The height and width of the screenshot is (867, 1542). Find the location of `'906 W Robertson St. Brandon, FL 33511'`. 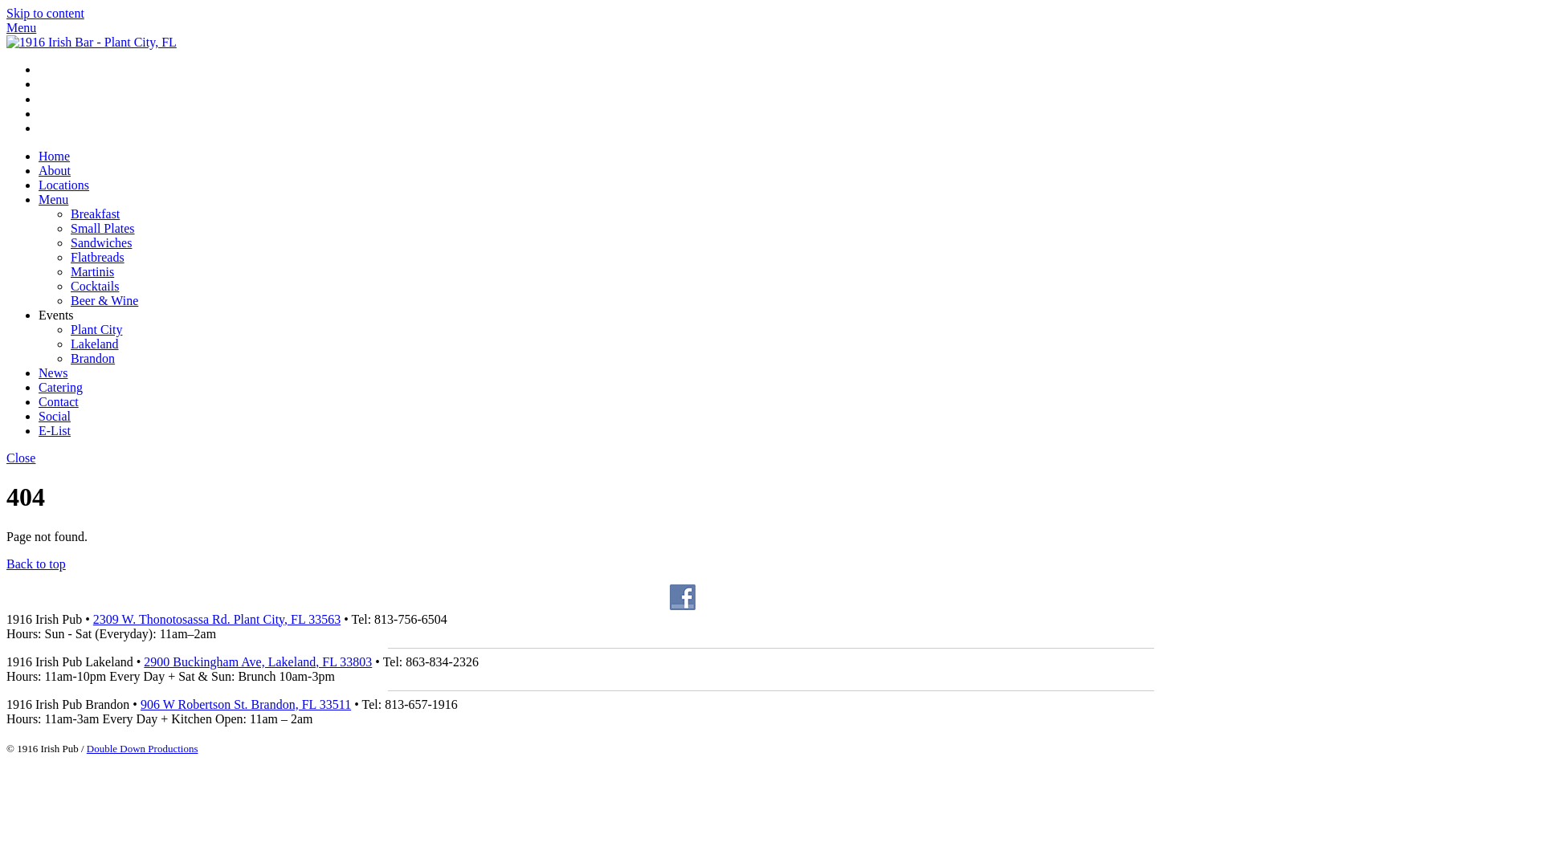

'906 W Robertson St. Brandon, FL 33511' is located at coordinates (245, 703).